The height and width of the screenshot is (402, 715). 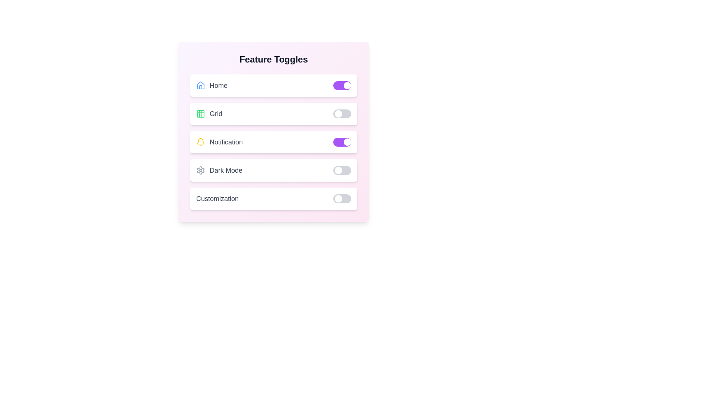 I want to click on the 'Dark Mode' text label, which indicates the toggle switch for the application's dark mode feature, positioned in the fourth row of the settings list, so click(x=226, y=170).